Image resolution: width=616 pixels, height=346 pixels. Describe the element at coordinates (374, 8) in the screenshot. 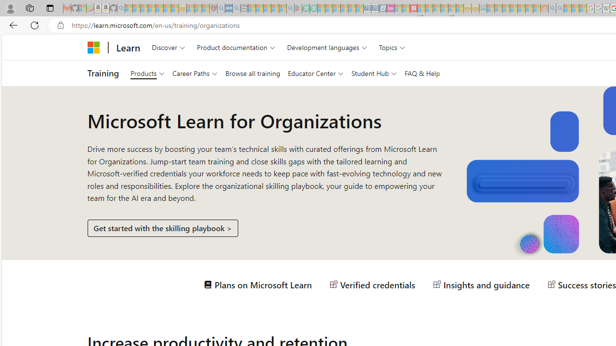

I see `'Cheap Hotels - Save70.com - Sleeping'` at that location.